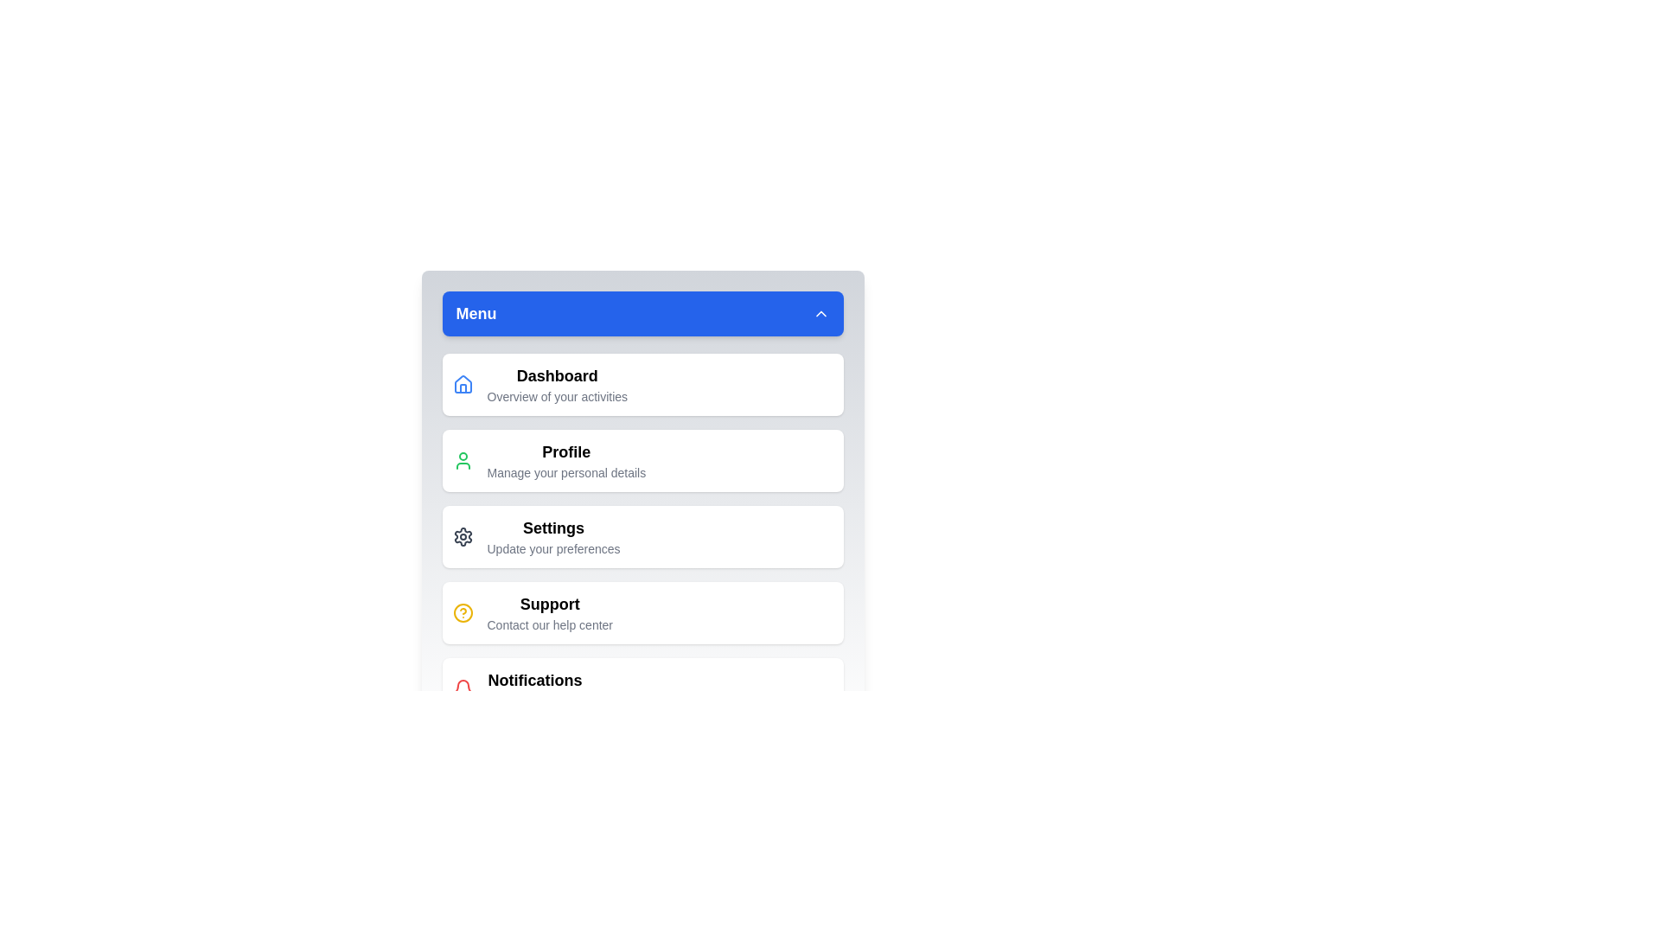 Image resolution: width=1660 pixels, height=934 pixels. I want to click on the 'Settings' label in the vertical menu, which is the third entry after 'Dashboard' and 'Profile', so click(553, 527).